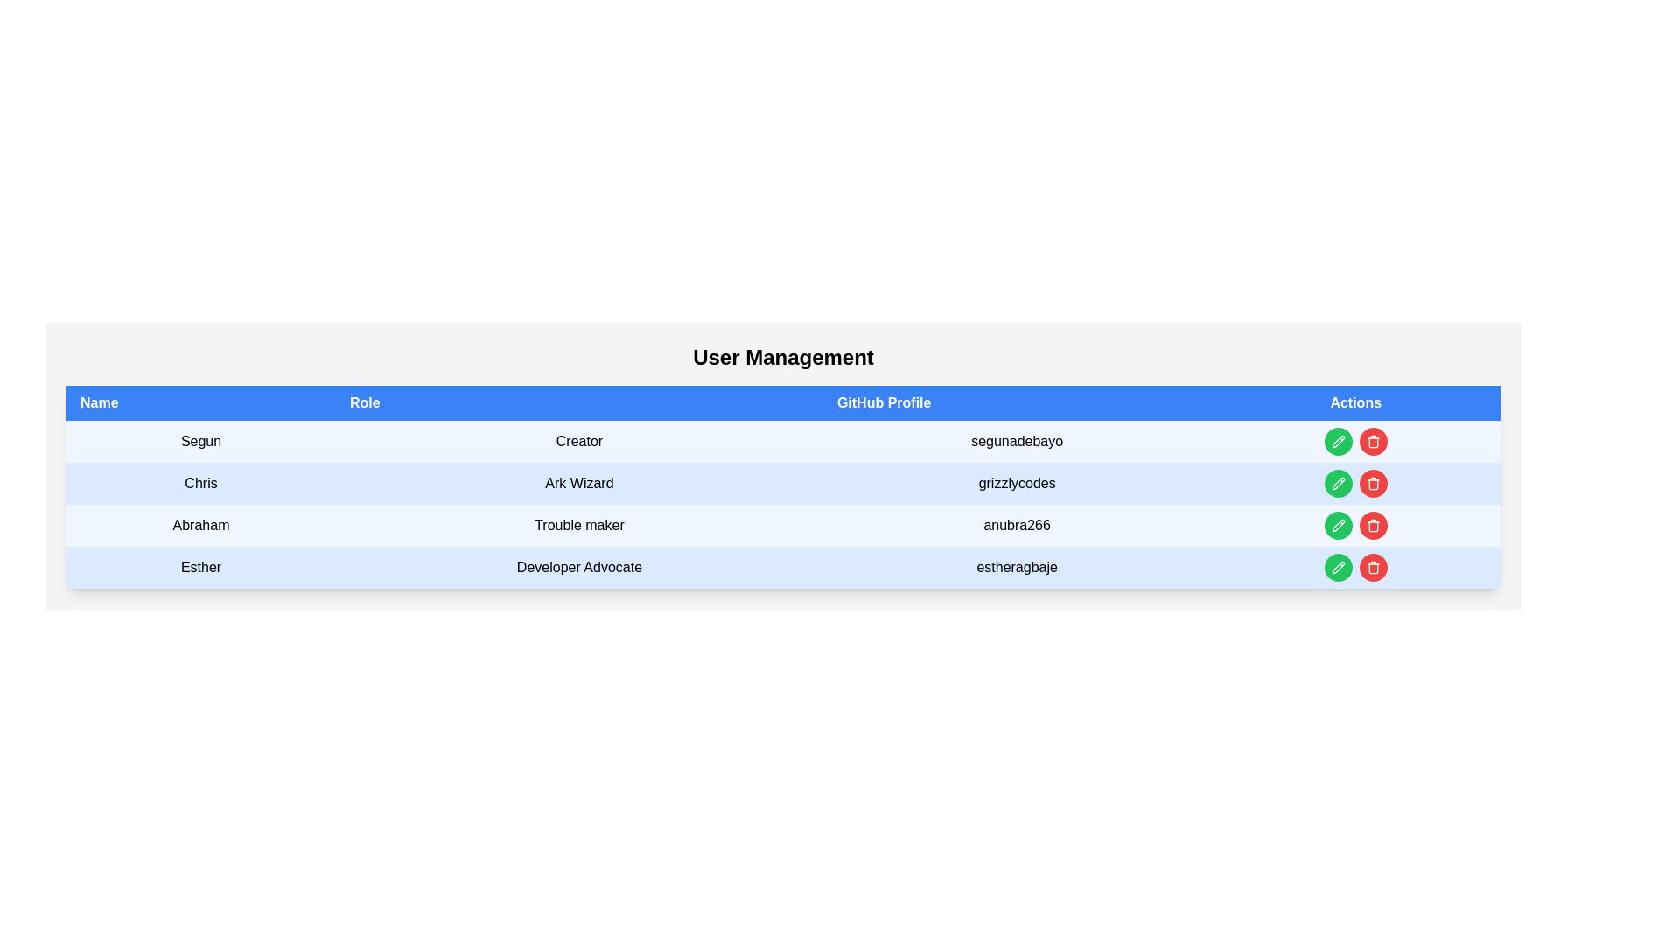 The image size is (1680, 945). What do you see at coordinates (782, 525) in the screenshot?
I see `the third row` at bounding box center [782, 525].